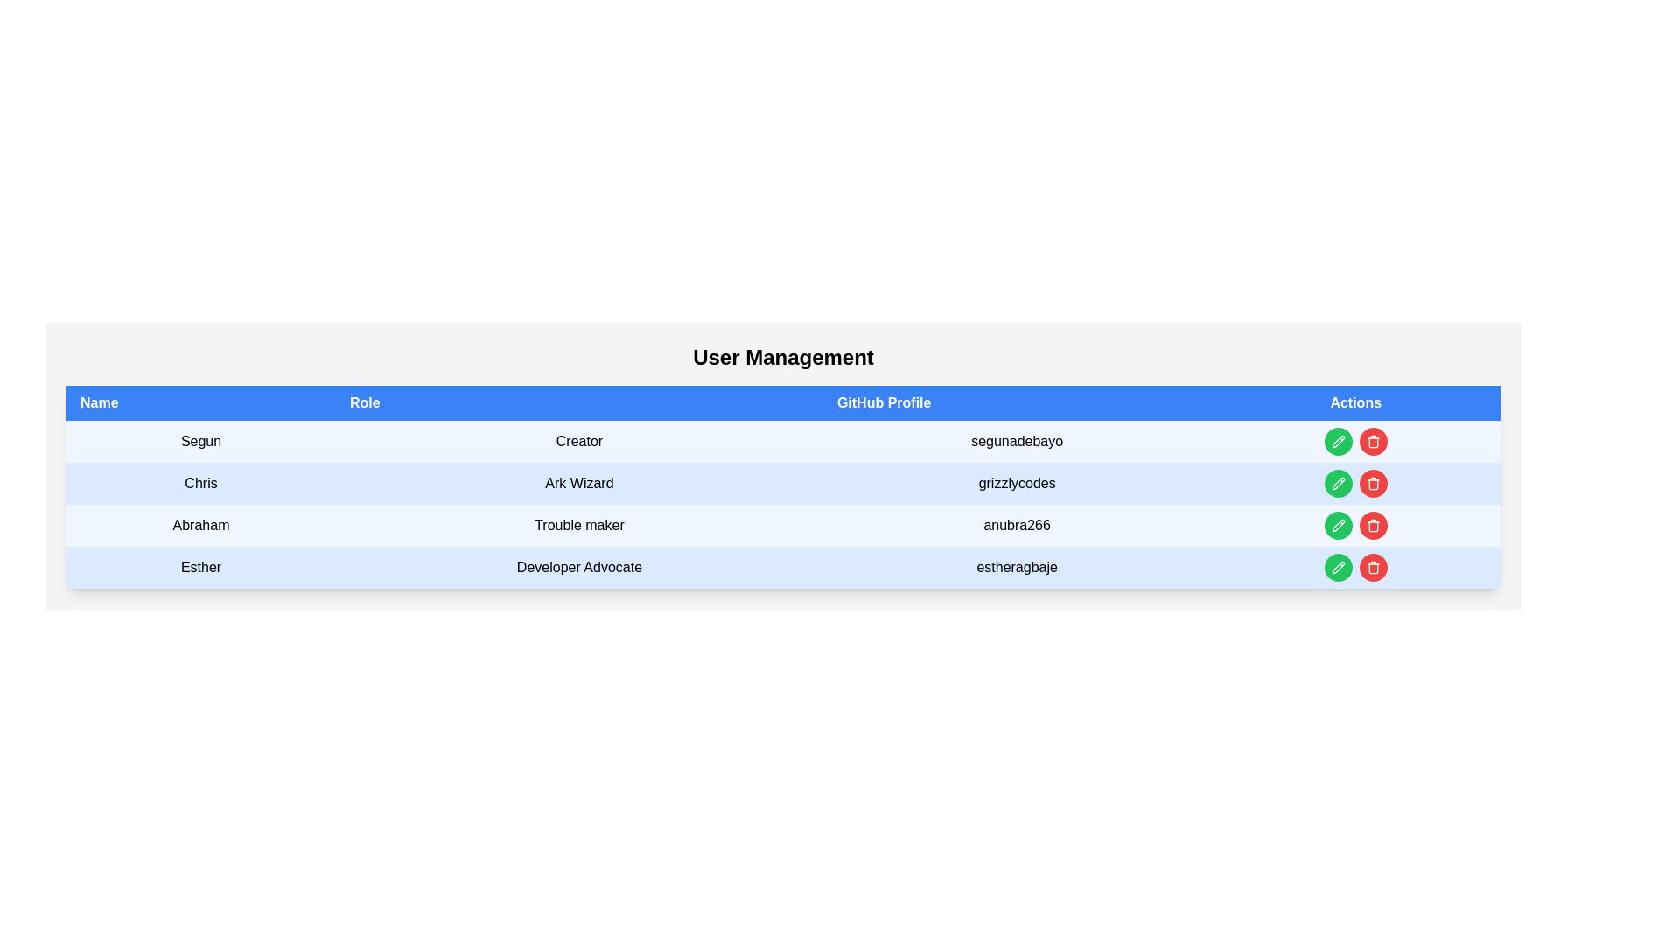 The image size is (1680, 945). What do you see at coordinates (782, 525) in the screenshot?
I see `the third row` at bounding box center [782, 525].